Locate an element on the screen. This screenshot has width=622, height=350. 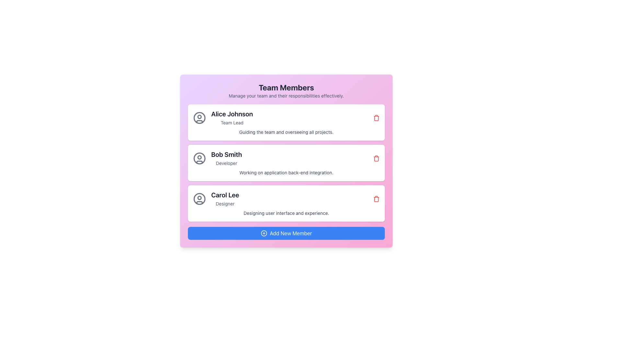
the user avatar icon's circular component, which is positioned near the top central area of the avatar graphic is located at coordinates (199, 157).